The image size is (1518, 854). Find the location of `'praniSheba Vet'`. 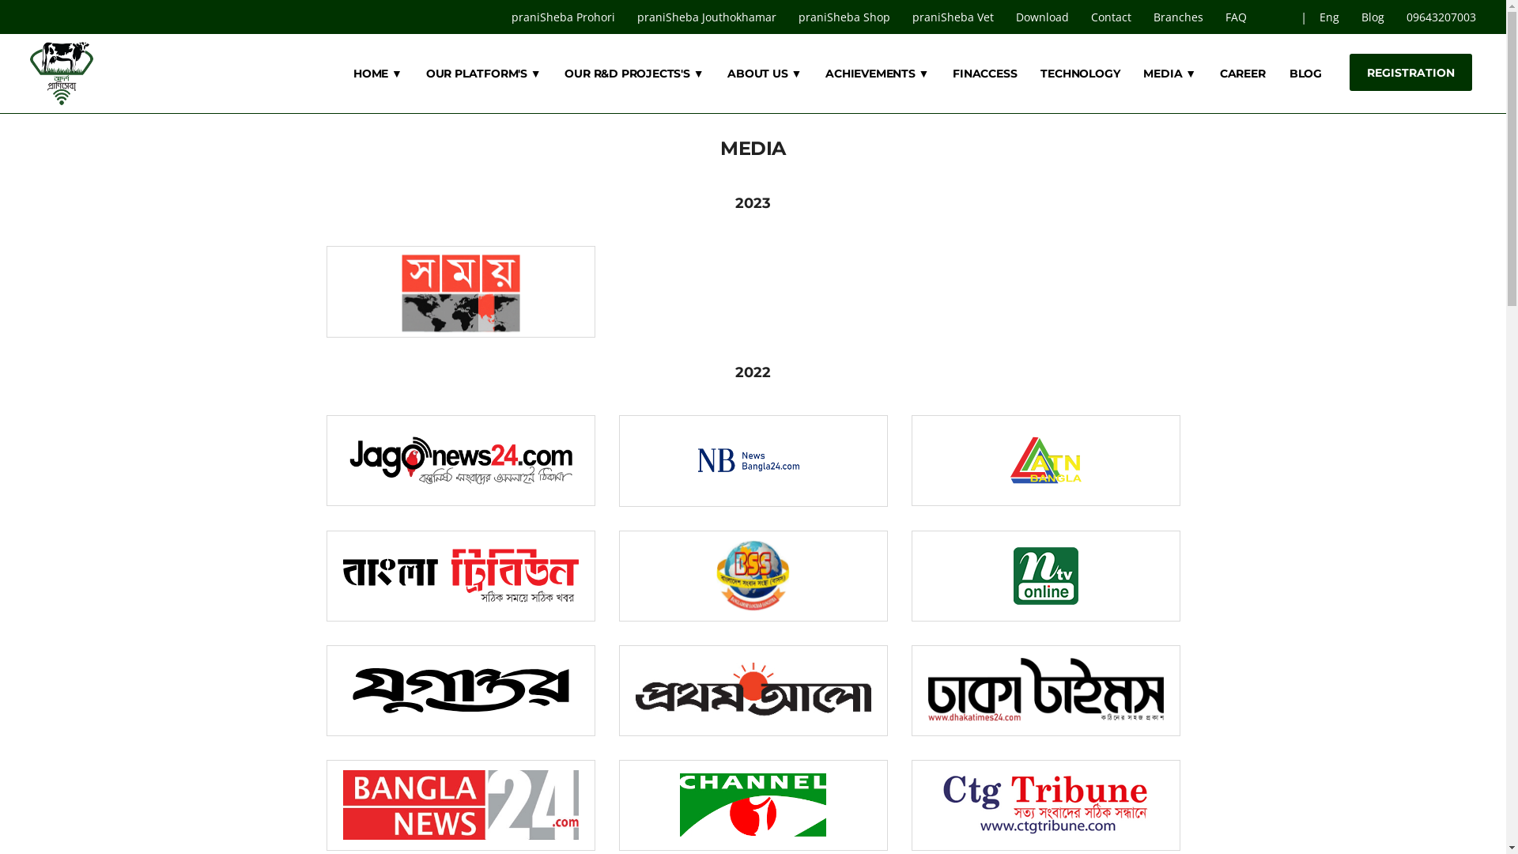

'praniSheba Vet' is located at coordinates (953, 17).